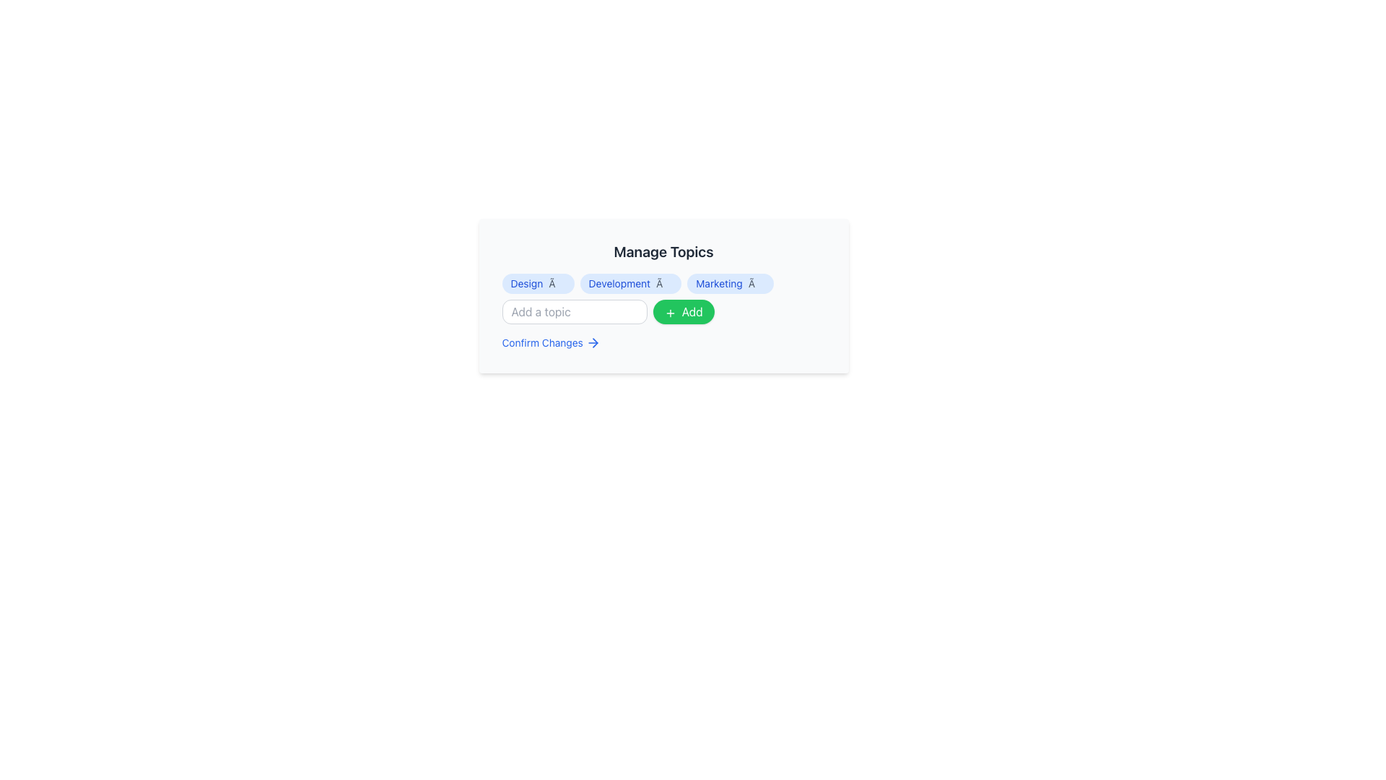 This screenshot has width=1386, height=780. I want to click on the '×' icon on the 'Marketing' Tag Button, so click(731, 284).